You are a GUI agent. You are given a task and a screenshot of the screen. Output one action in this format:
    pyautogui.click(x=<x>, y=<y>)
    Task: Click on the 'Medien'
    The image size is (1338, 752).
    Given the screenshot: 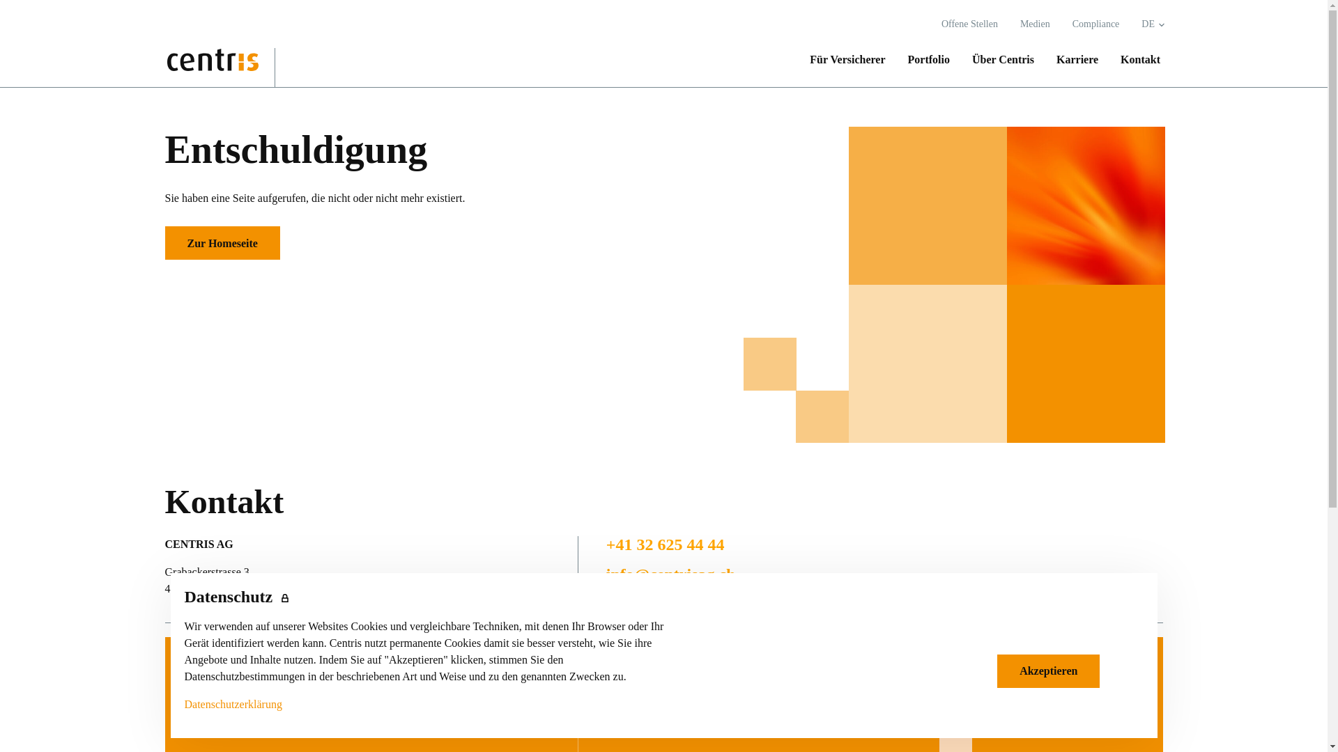 What is the action you would take?
    pyautogui.click(x=1035, y=24)
    